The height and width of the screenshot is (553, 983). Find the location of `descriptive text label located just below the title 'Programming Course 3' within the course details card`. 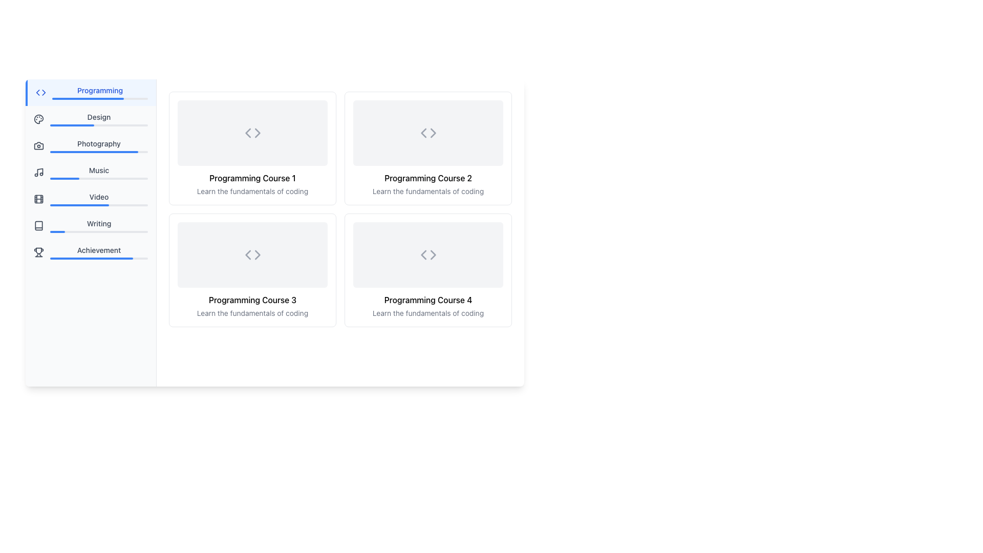

descriptive text label located just below the title 'Programming Course 3' within the course details card is located at coordinates (252, 313).